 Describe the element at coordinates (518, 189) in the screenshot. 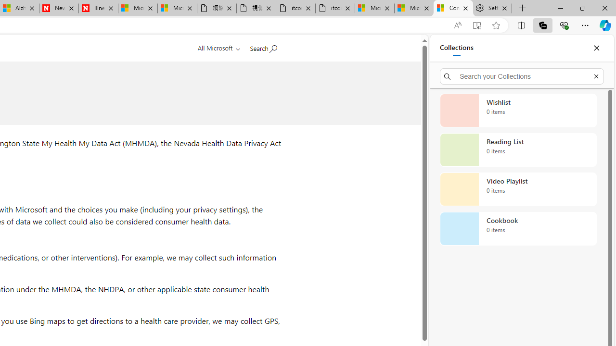

I see `'Video Playlist collection, 0 items'` at that location.